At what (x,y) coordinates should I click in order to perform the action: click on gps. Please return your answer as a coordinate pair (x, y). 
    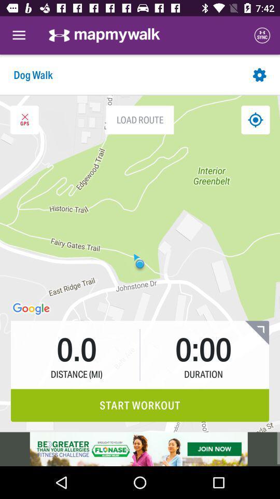
    Looking at the image, I should click on (24, 120).